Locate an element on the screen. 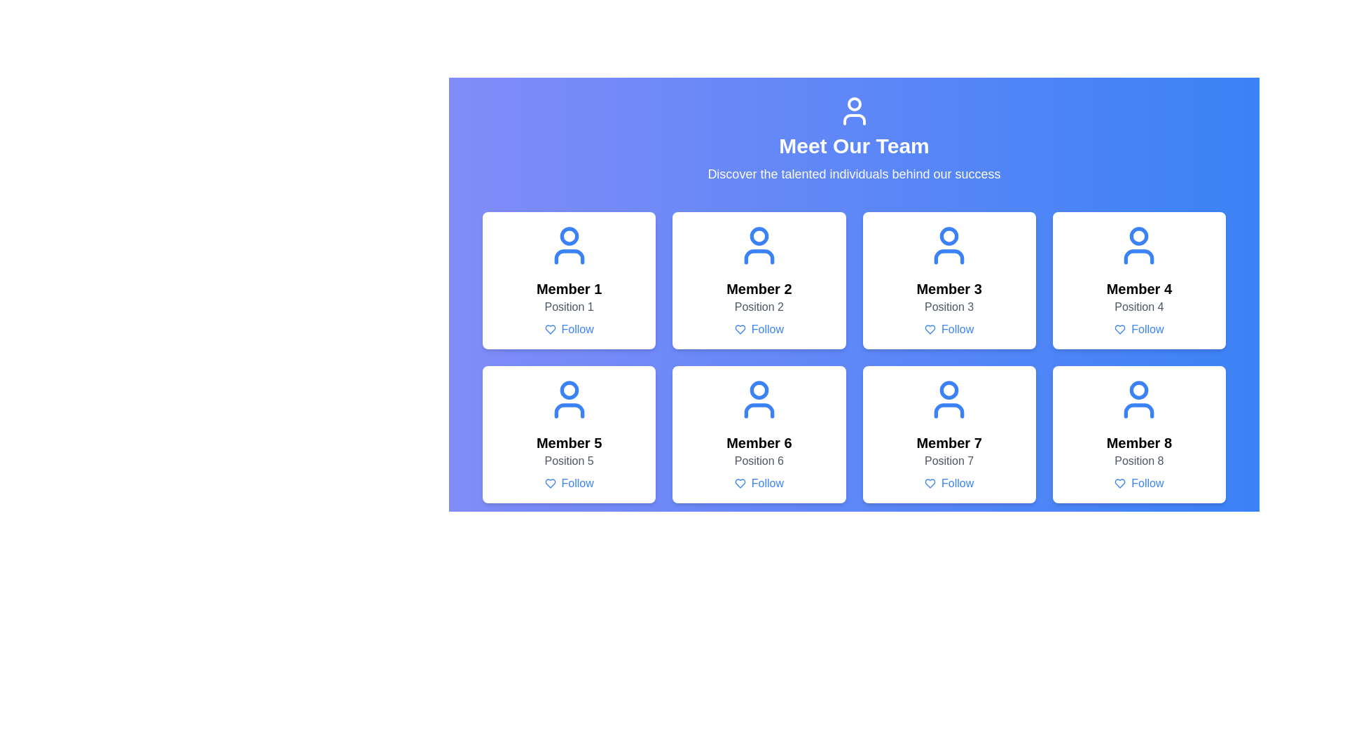 This screenshot has height=756, width=1345. the third 'Follow' button located below 'Member 3 - Position 3' is located at coordinates (949, 329).